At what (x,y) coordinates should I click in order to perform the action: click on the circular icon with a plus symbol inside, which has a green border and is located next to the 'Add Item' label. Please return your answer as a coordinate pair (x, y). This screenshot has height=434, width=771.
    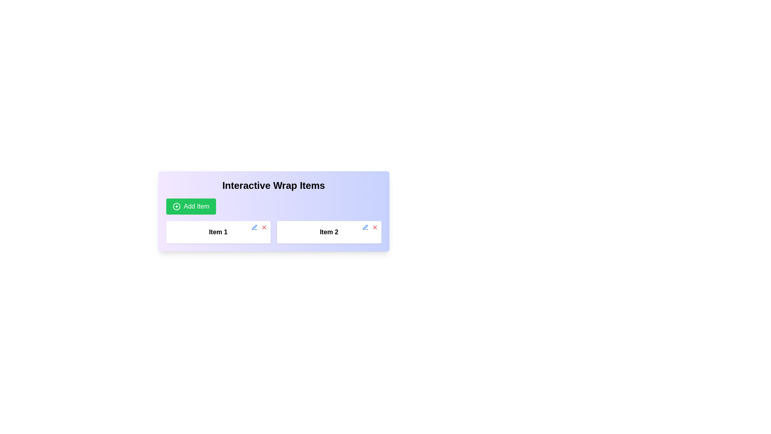
    Looking at the image, I should click on (176, 206).